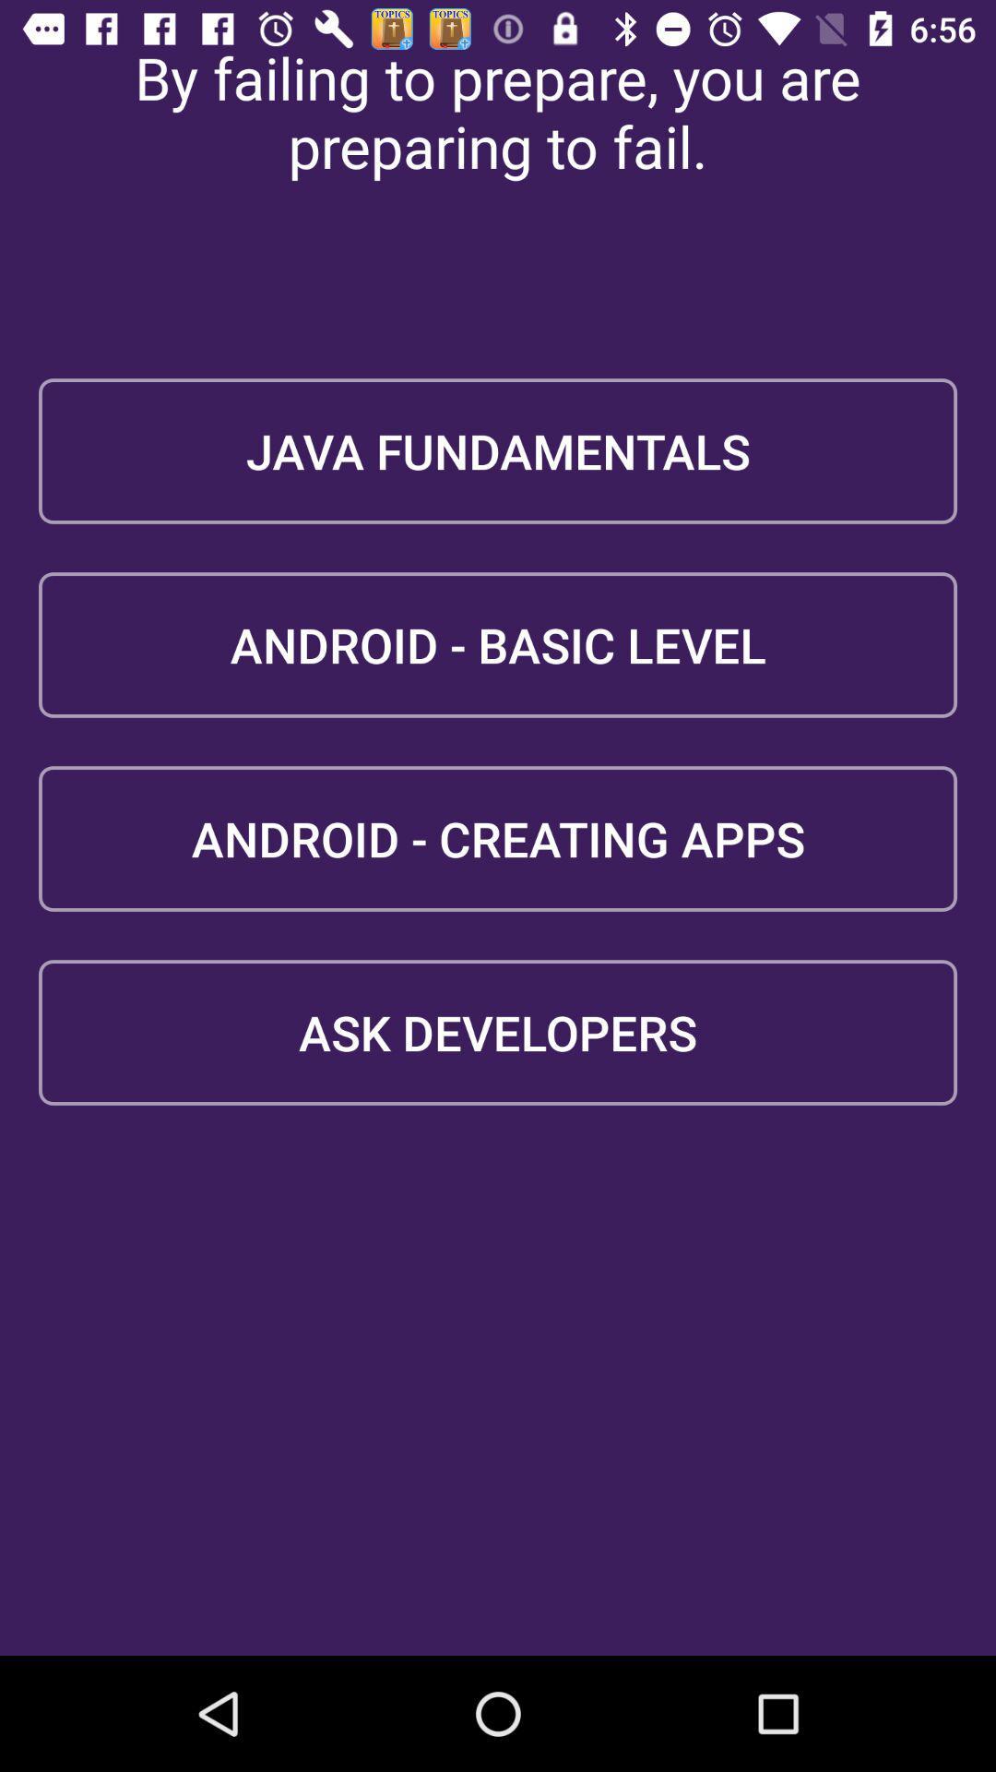 This screenshot has height=1772, width=996. I want to click on the icon above the android - creating apps, so click(498, 645).